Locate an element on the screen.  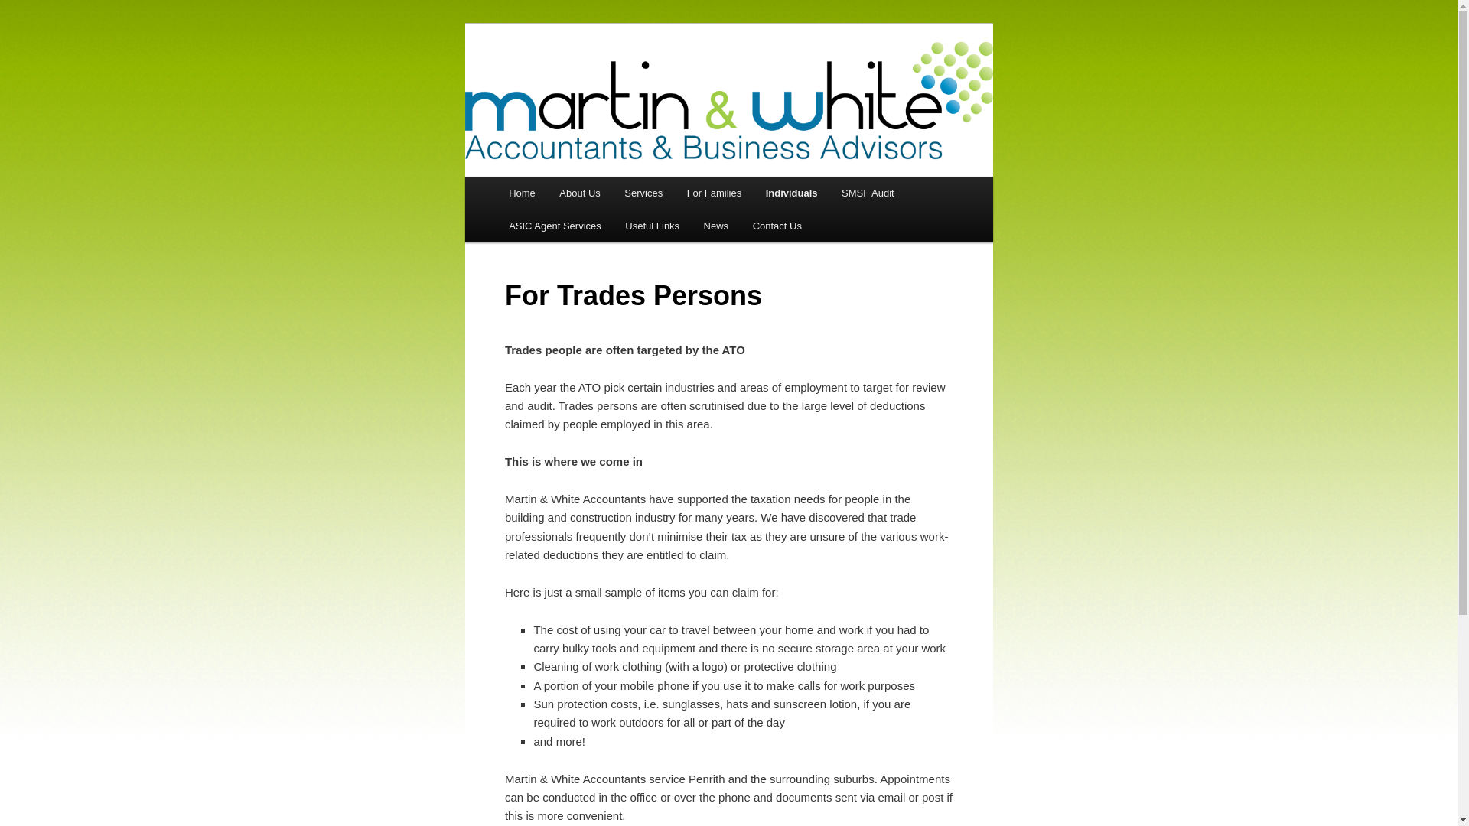
'Skip to primary content' is located at coordinates (519, 176).